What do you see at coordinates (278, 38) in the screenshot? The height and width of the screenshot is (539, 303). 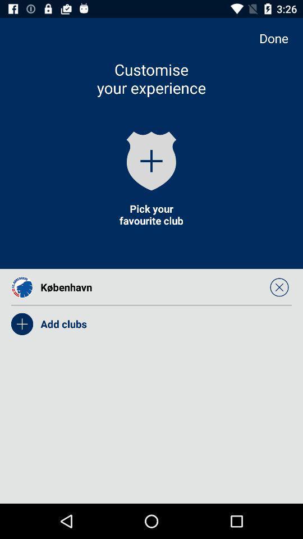 I see `the done item` at bounding box center [278, 38].